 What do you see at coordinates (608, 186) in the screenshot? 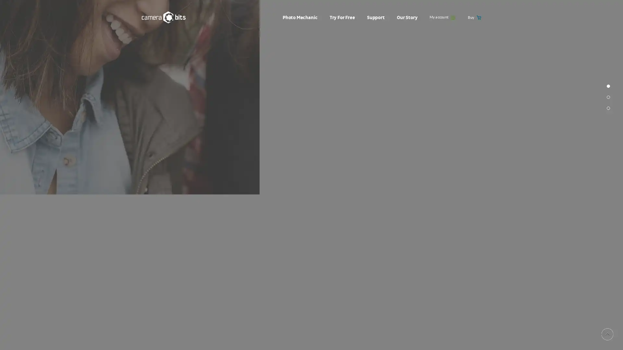
I see `3` at bounding box center [608, 186].